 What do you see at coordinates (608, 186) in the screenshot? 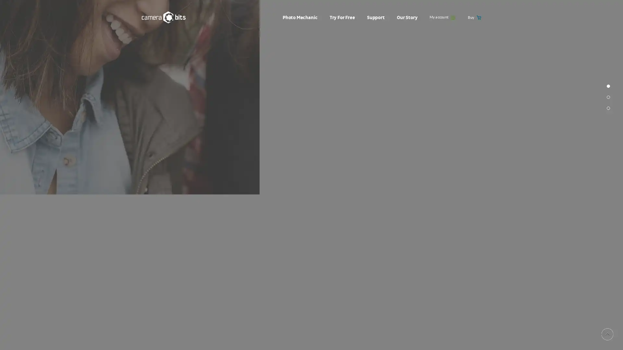
I see `3` at bounding box center [608, 186].